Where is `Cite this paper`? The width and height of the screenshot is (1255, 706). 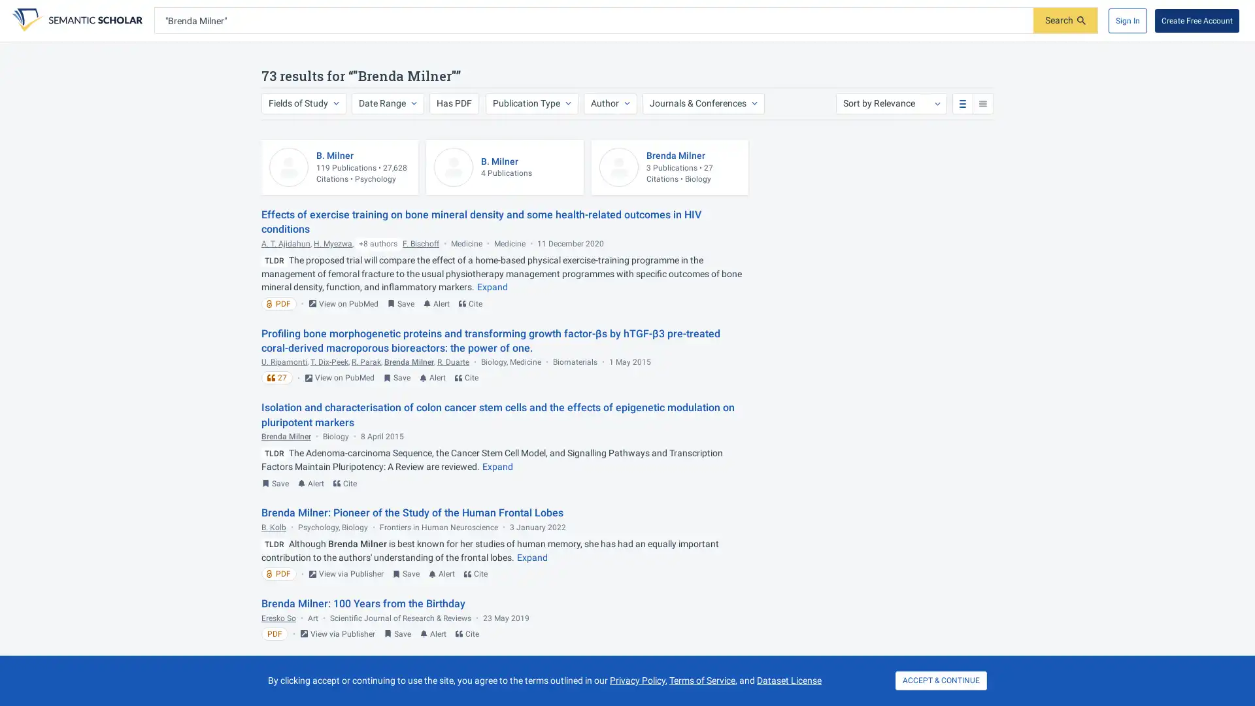 Cite this paper is located at coordinates (475, 573).